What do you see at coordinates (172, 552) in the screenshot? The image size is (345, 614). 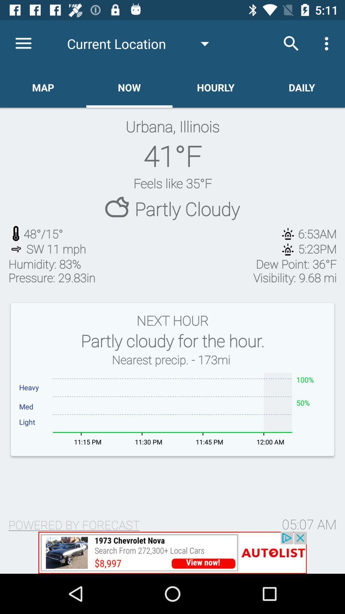 I see `advertisement page` at bounding box center [172, 552].